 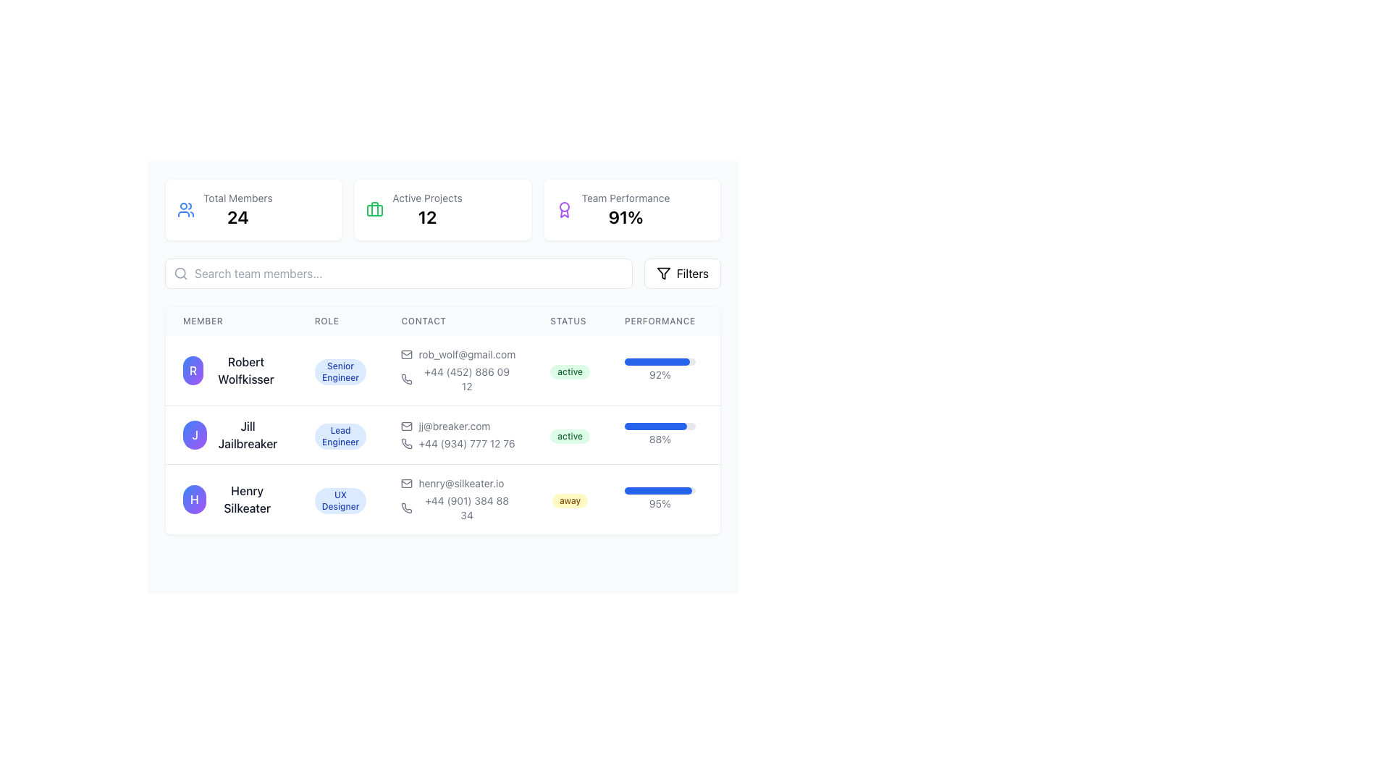 What do you see at coordinates (237, 198) in the screenshot?
I see `the descriptive Text label indicating the total number of members, which is positioned at the top-left section of the metrics panel, above the number '24'` at bounding box center [237, 198].